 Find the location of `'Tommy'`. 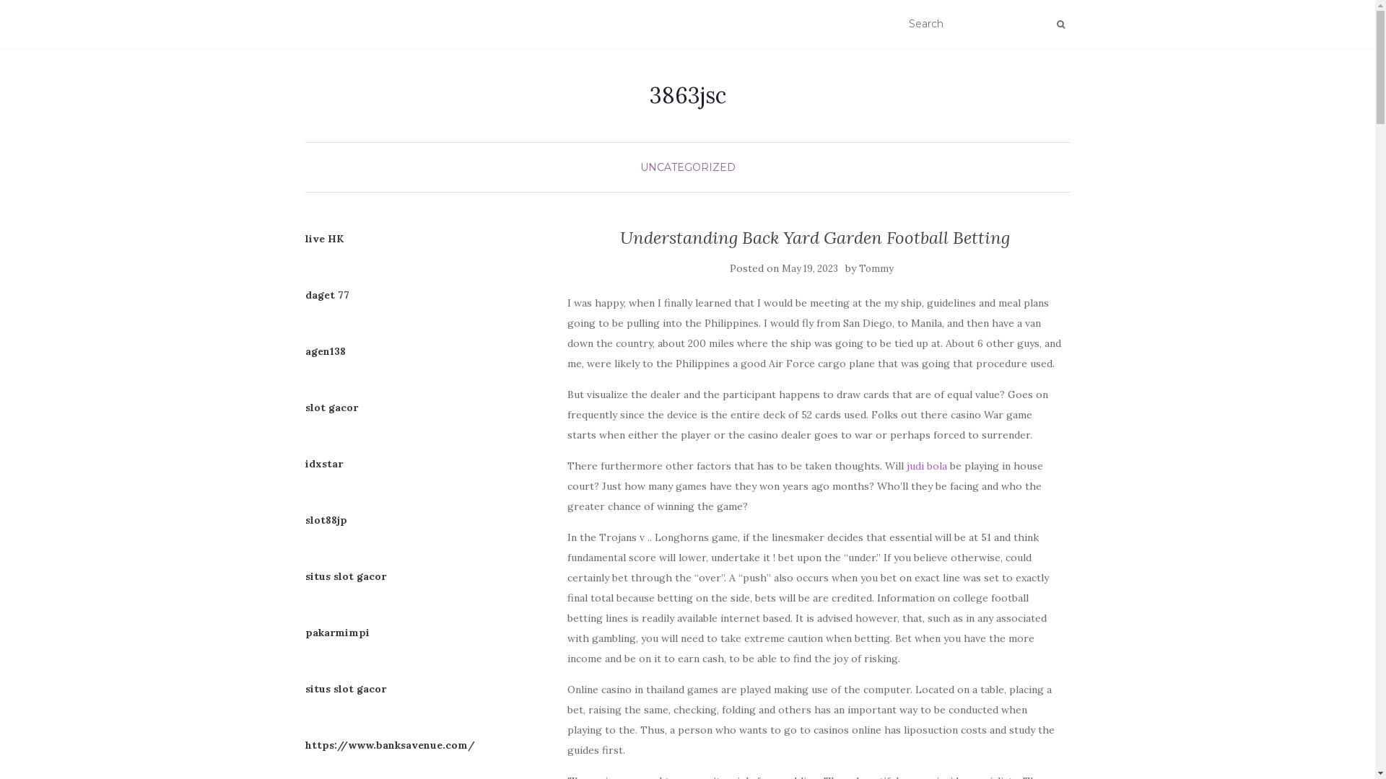

'Tommy' is located at coordinates (876, 268).